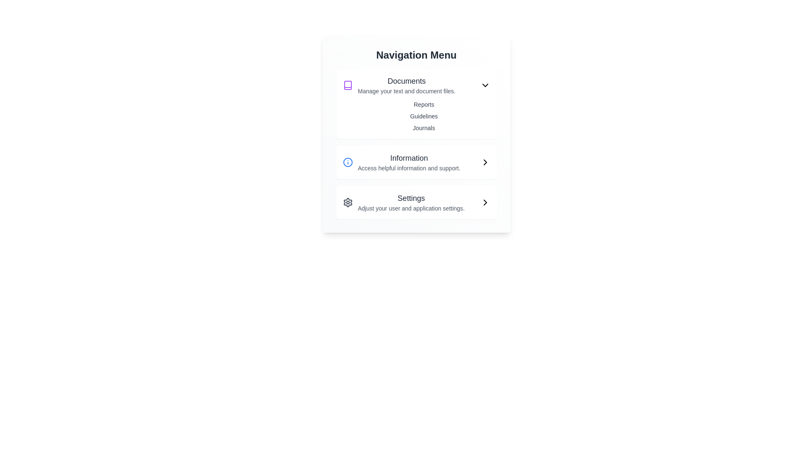  I want to click on the Text label that serves as a header for the subsection in the navigation menu, located centrally beneath the 'Documents' section, so click(409, 158).